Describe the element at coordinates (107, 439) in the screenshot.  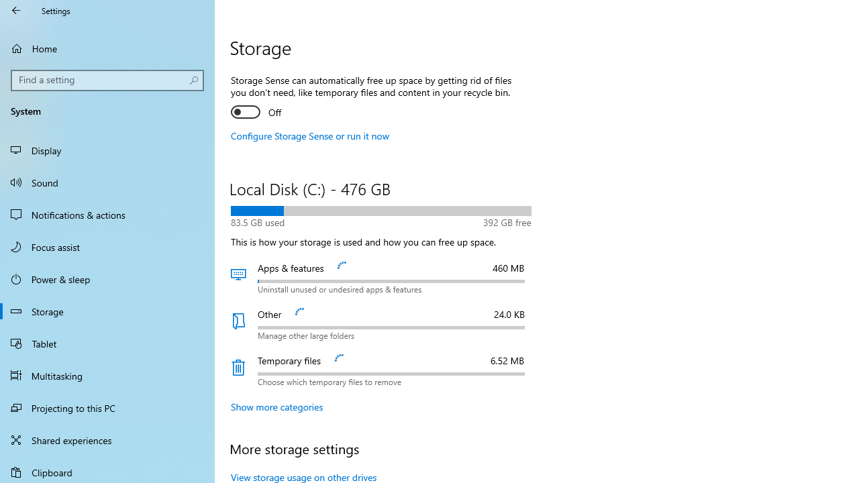
I see `'Shared experiences'` at that location.